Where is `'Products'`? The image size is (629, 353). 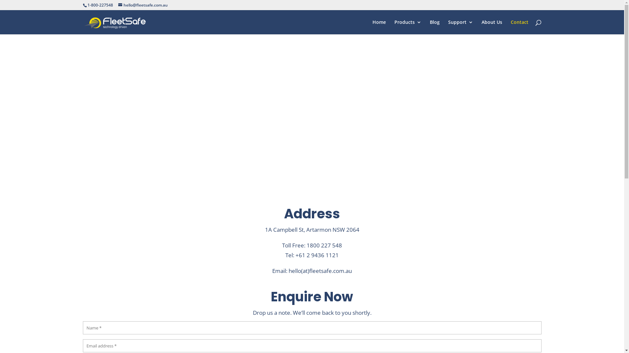
'Products' is located at coordinates (407, 27).